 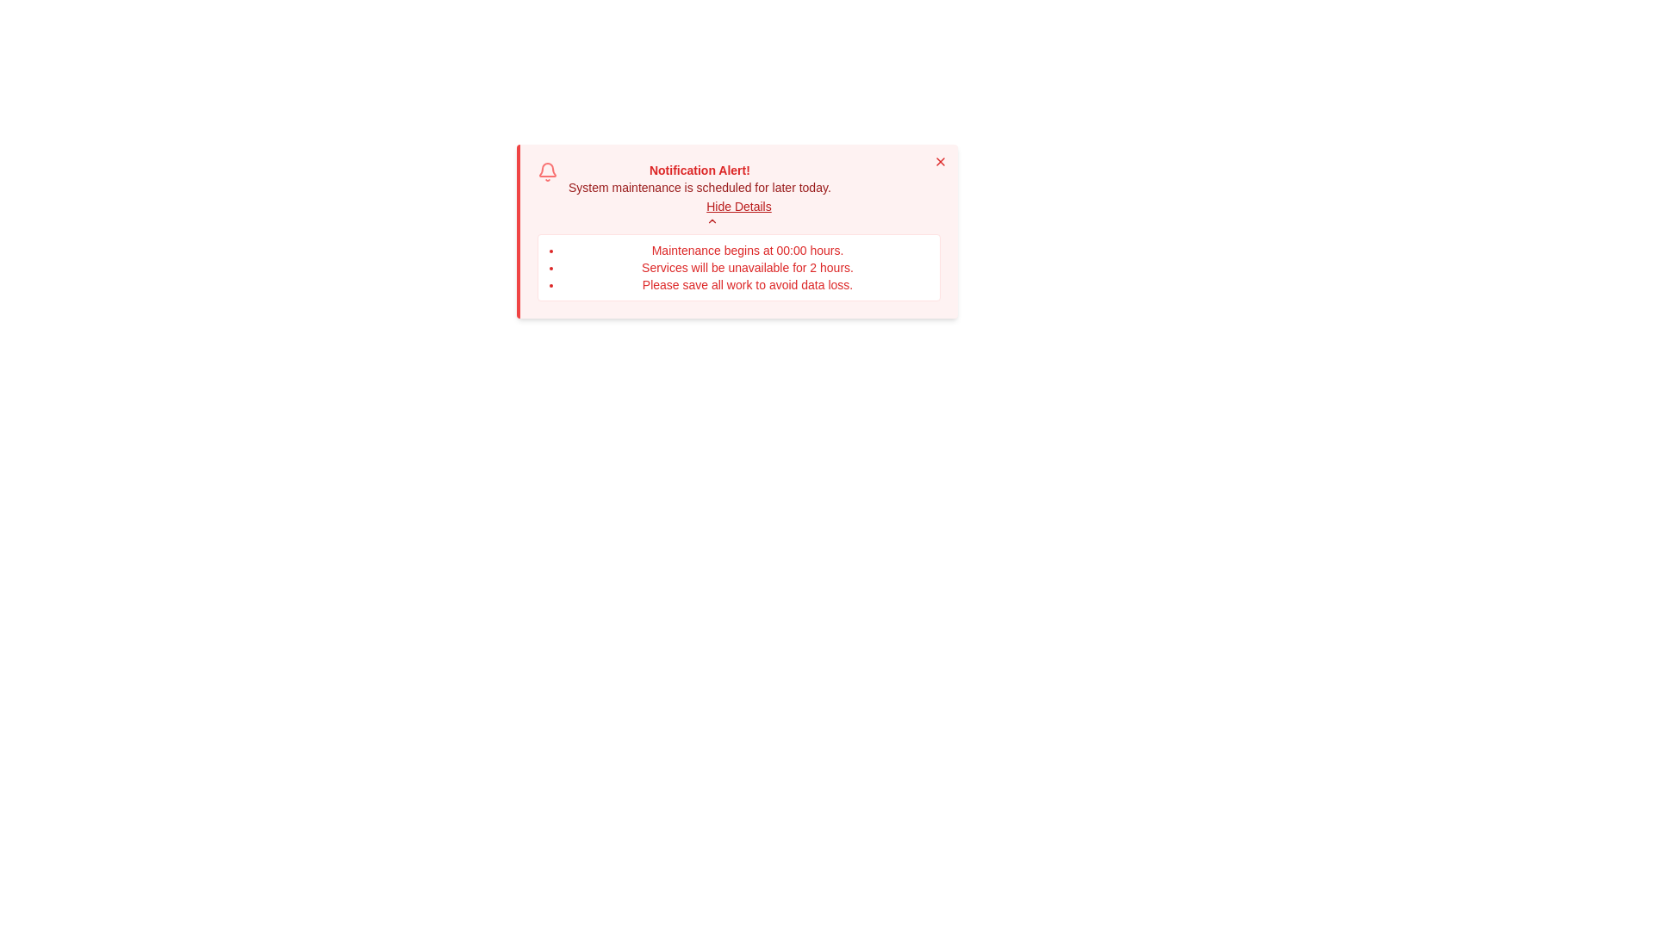 I want to click on the close (X) button to dismiss the alert, so click(x=939, y=162).